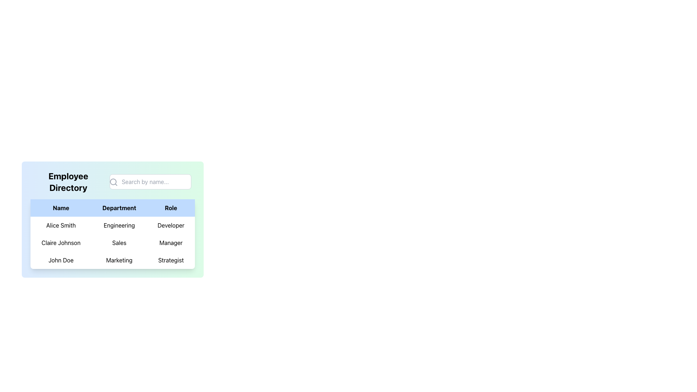 This screenshot has height=392, width=697. I want to click on the table cell displaying 'Claire Johnson' in the light blue-themed table under the 'Name' column, so click(61, 242).